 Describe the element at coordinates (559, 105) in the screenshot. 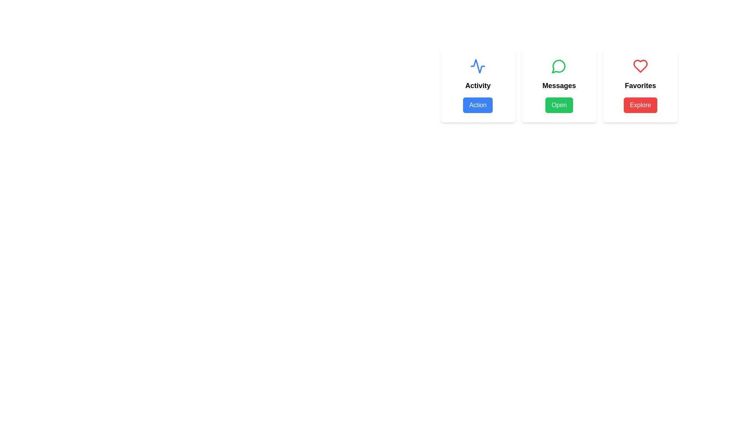

I see `the button located at the bottom of the 'Messages' card to observe the hover effects` at that location.